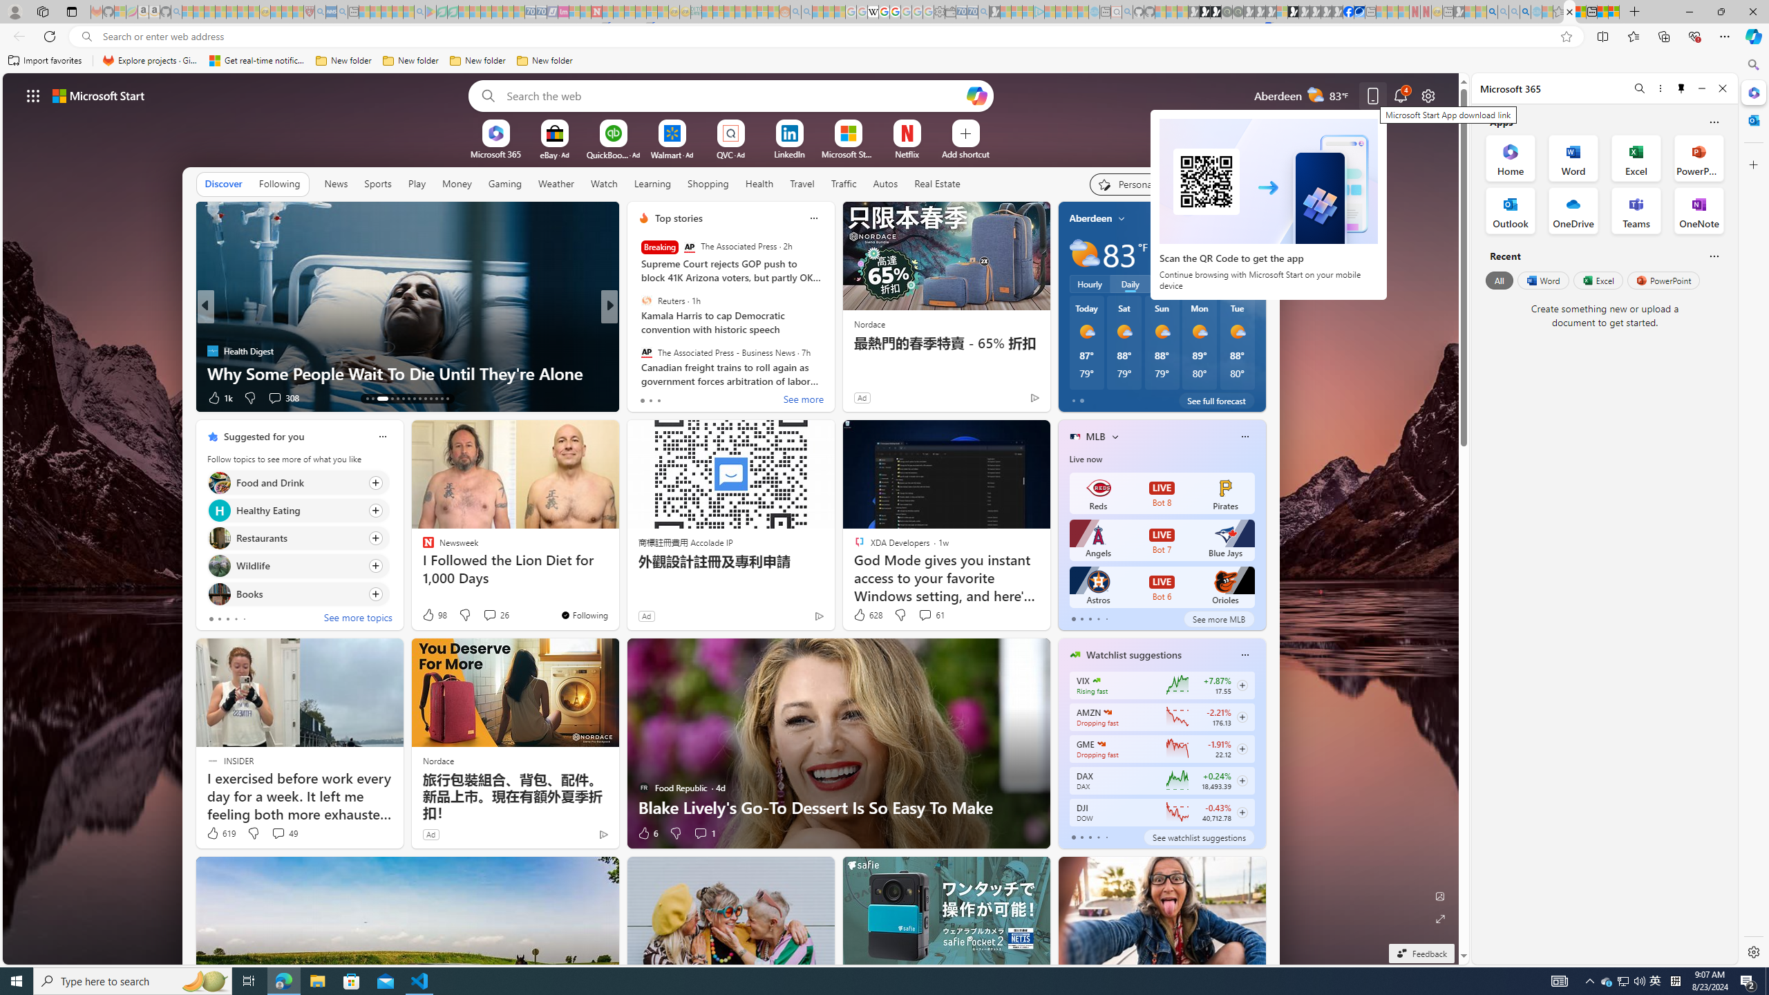  Describe the element at coordinates (636, 350) in the screenshot. I see `'Dagens News (US)'` at that location.